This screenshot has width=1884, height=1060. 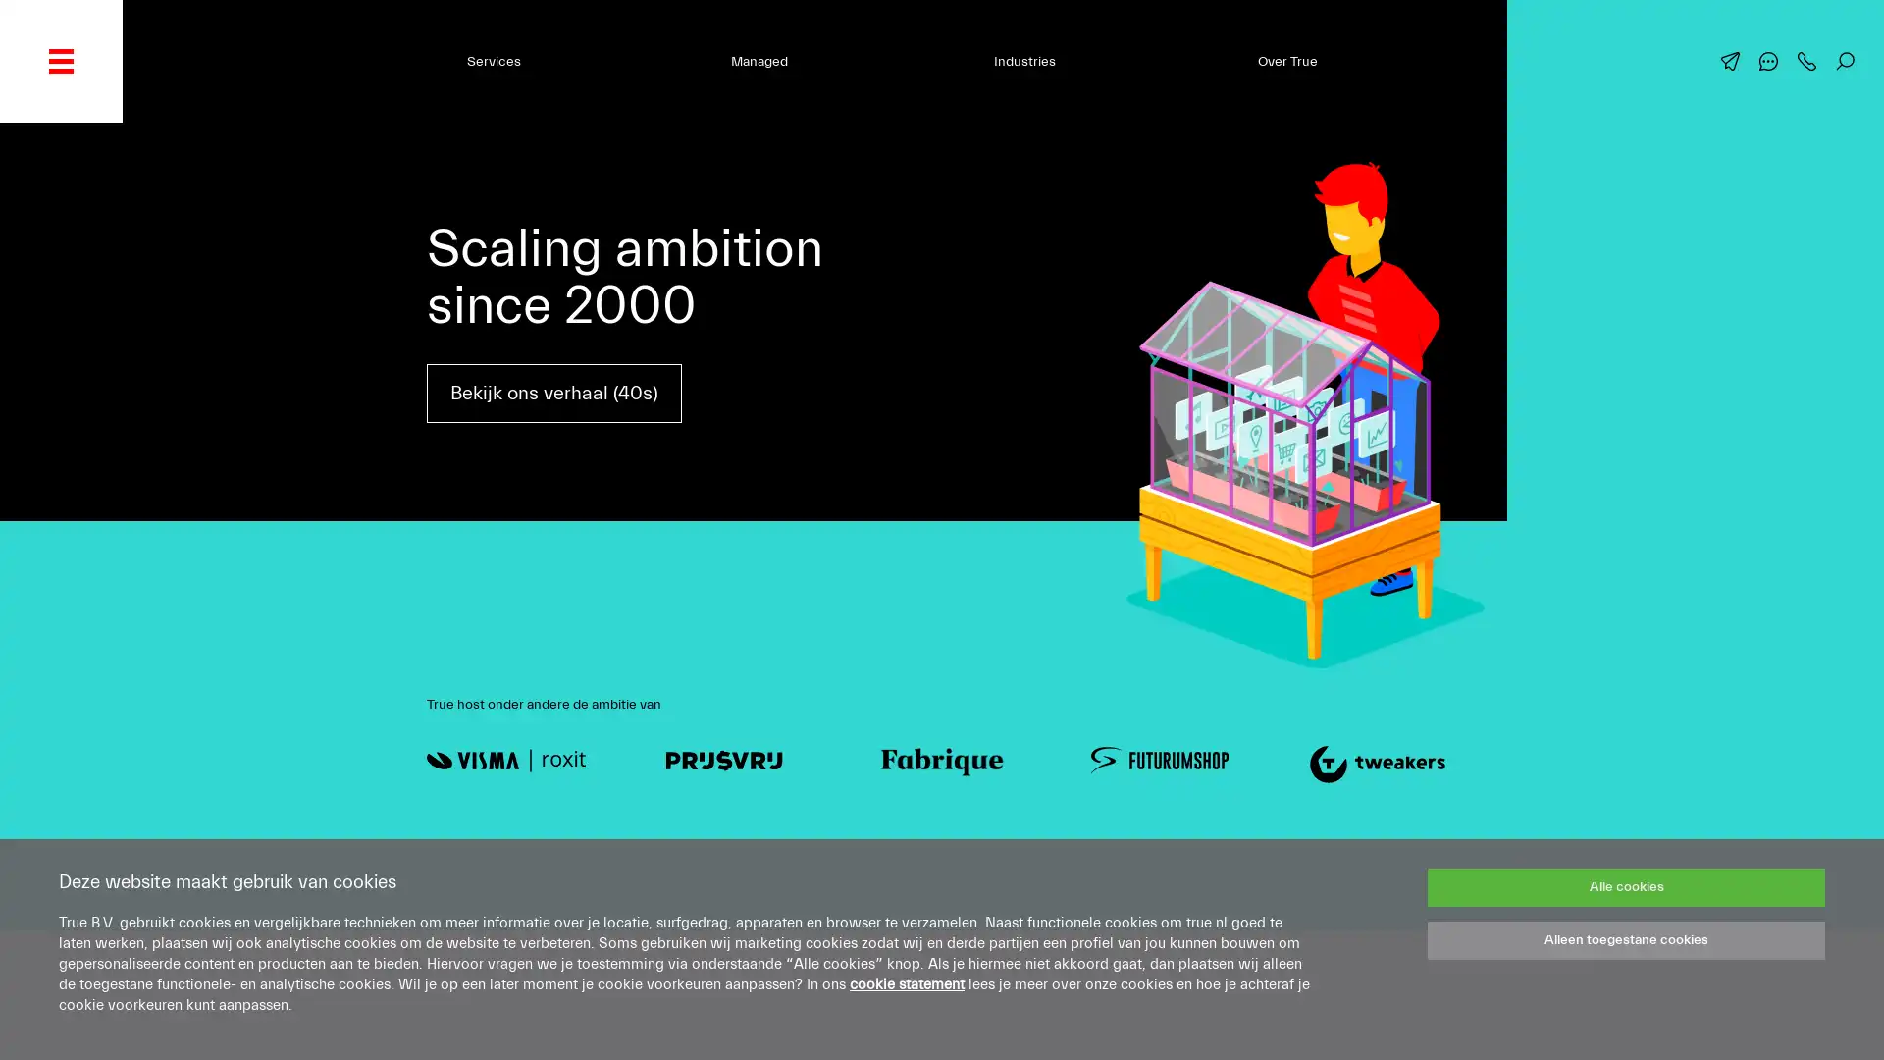 What do you see at coordinates (553, 394) in the screenshot?
I see `Bekijk ons verhaal (40s)` at bounding box center [553, 394].